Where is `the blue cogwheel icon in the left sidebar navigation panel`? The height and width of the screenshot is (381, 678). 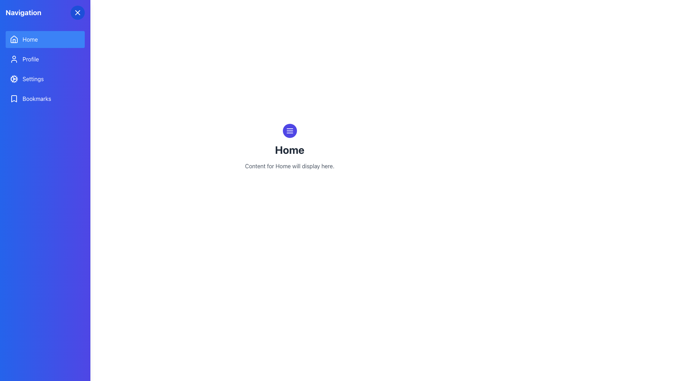 the blue cogwheel icon in the left sidebar navigation panel is located at coordinates (14, 79).